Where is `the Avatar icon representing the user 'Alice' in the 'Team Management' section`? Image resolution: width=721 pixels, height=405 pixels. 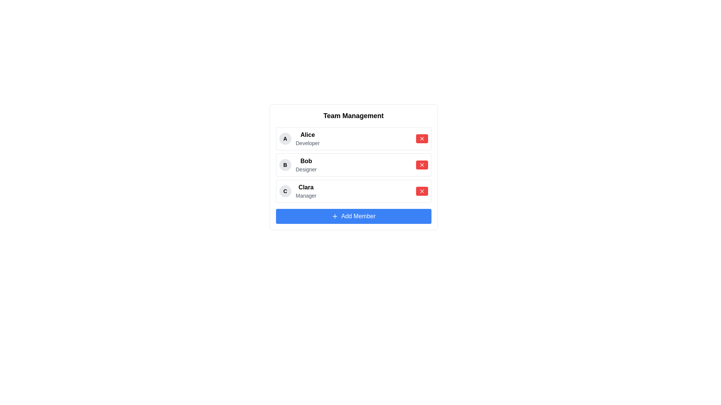 the Avatar icon representing the user 'Alice' in the 'Team Management' section is located at coordinates (285, 139).